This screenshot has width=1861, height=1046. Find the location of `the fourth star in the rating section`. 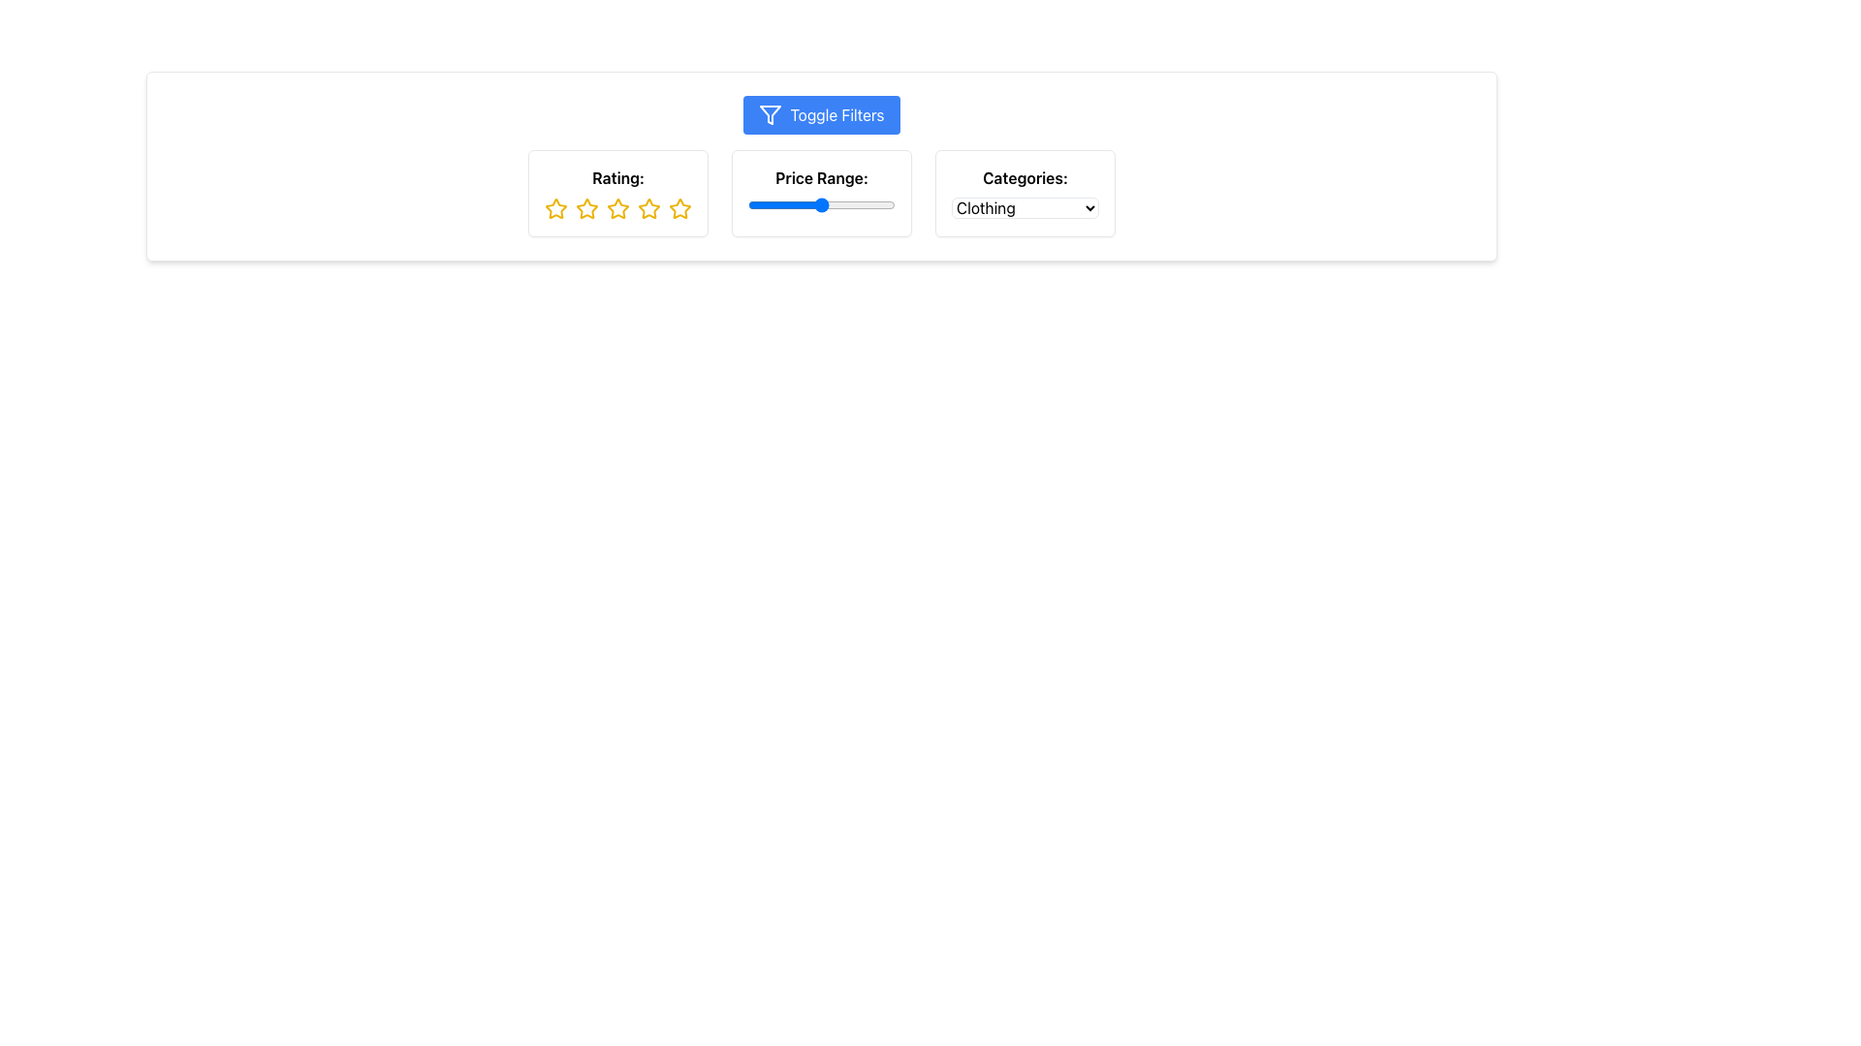

the fourth star in the rating section is located at coordinates (649, 209).